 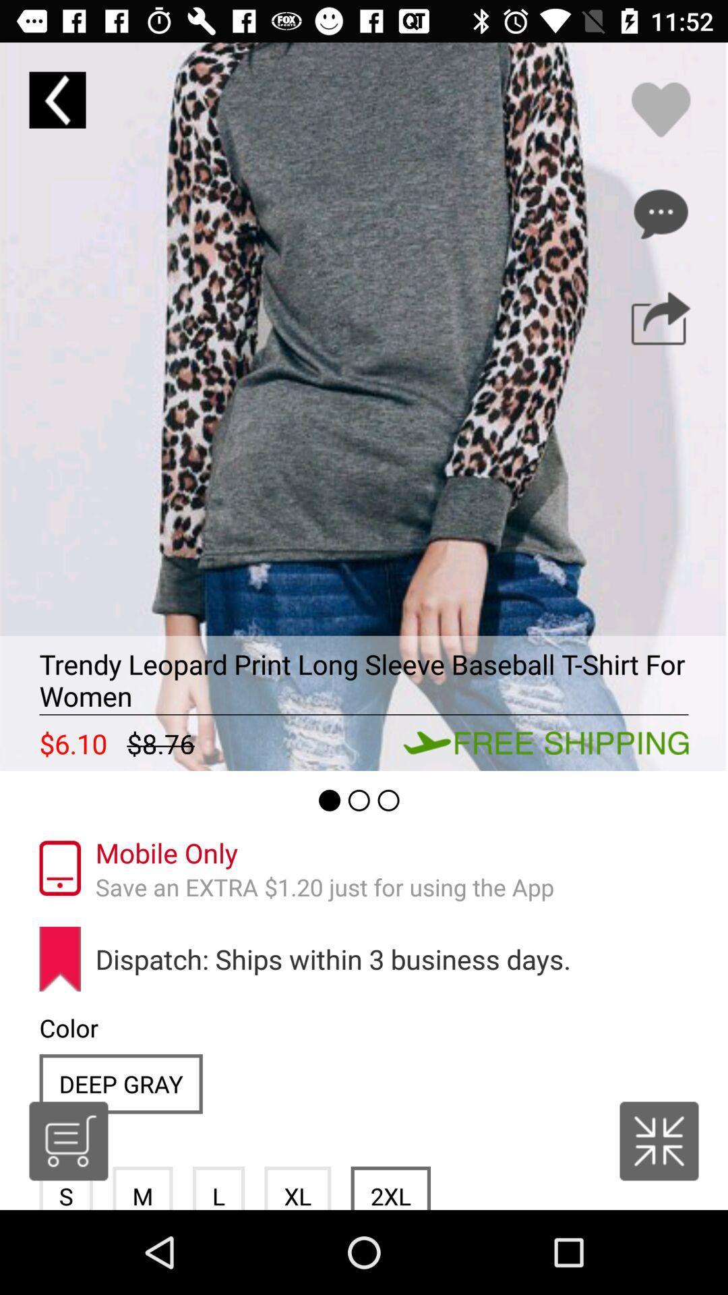 What do you see at coordinates (57, 99) in the screenshot?
I see `previous` at bounding box center [57, 99].